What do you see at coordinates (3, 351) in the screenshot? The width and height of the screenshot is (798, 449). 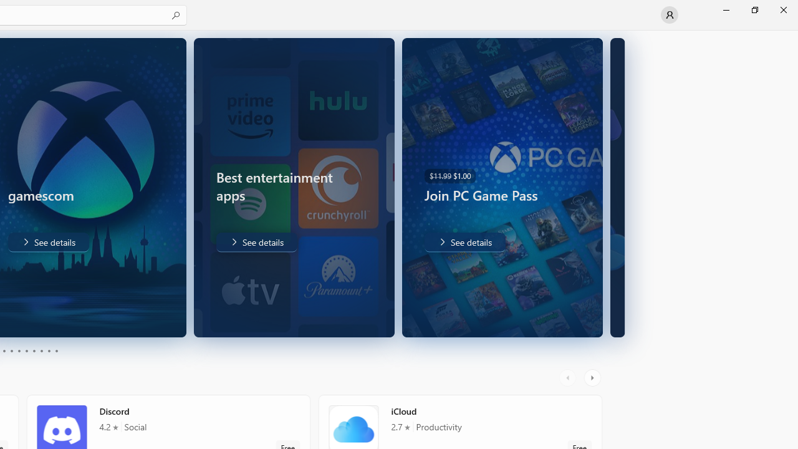 I see `'Page 3'` at bounding box center [3, 351].